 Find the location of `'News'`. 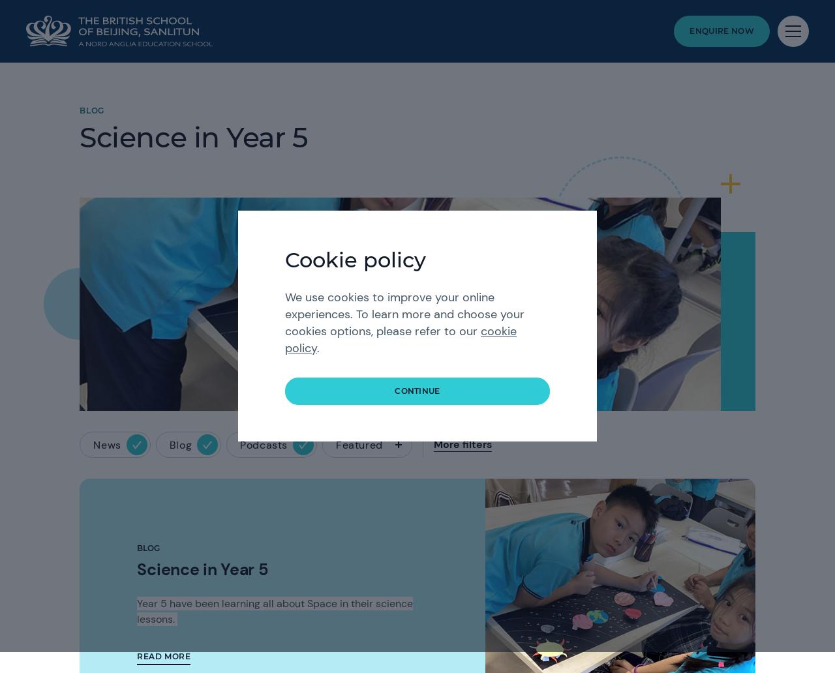

'News' is located at coordinates (106, 443).